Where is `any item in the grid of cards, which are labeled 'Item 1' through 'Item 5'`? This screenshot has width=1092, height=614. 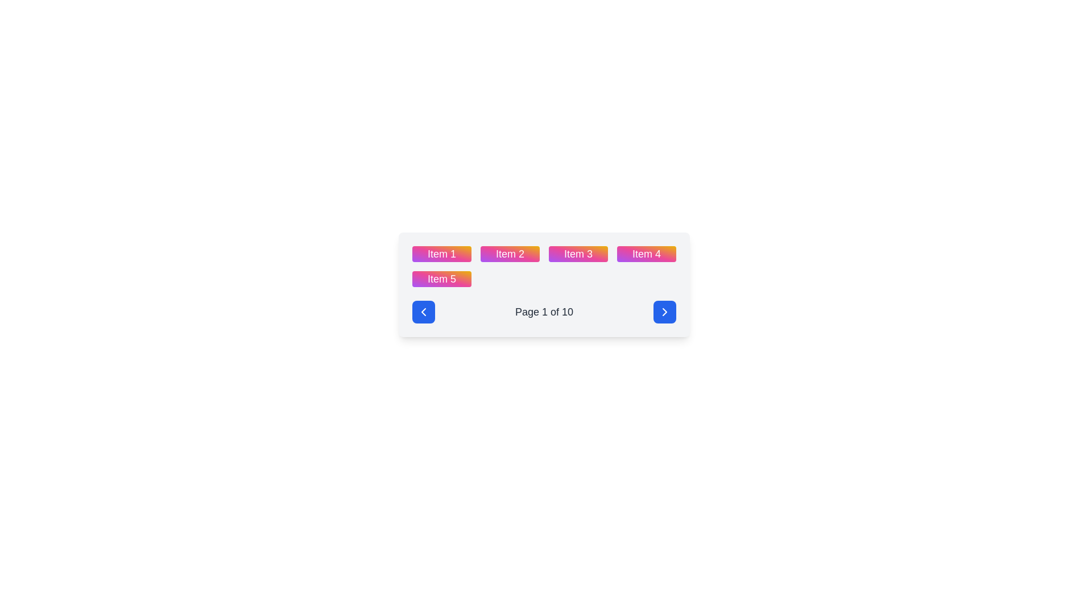 any item in the grid of cards, which are labeled 'Item 1' through 'Item 5' is located at coordinates (543, 267).